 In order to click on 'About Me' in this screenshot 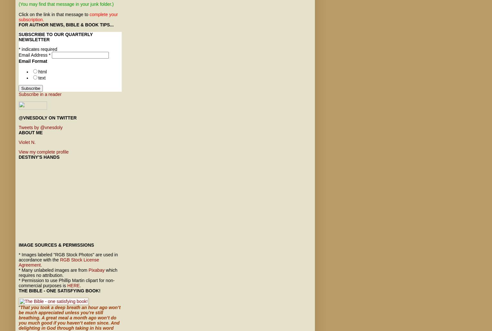, I will do `click(30, 133)`.